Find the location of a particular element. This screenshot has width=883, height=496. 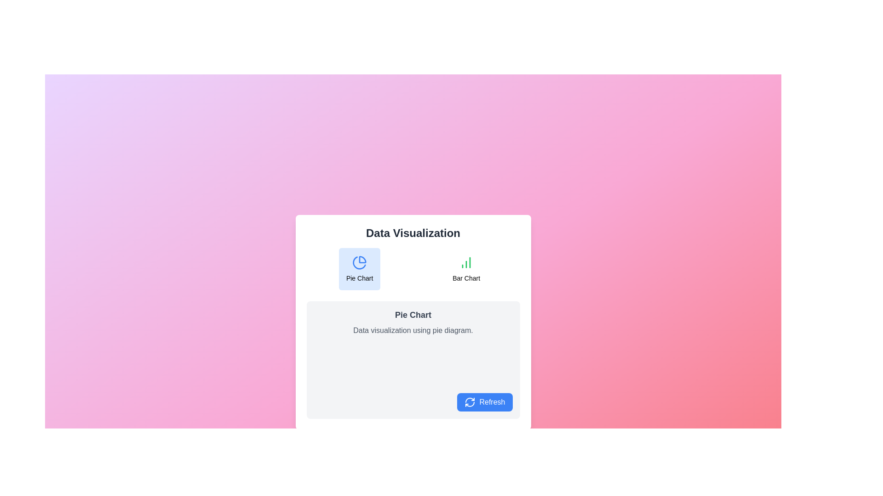

the static text element that reads 'Data visualization using pie diagram.' which is located beneath the heading 'Pie Chart' is located at coordinates (413, 331).